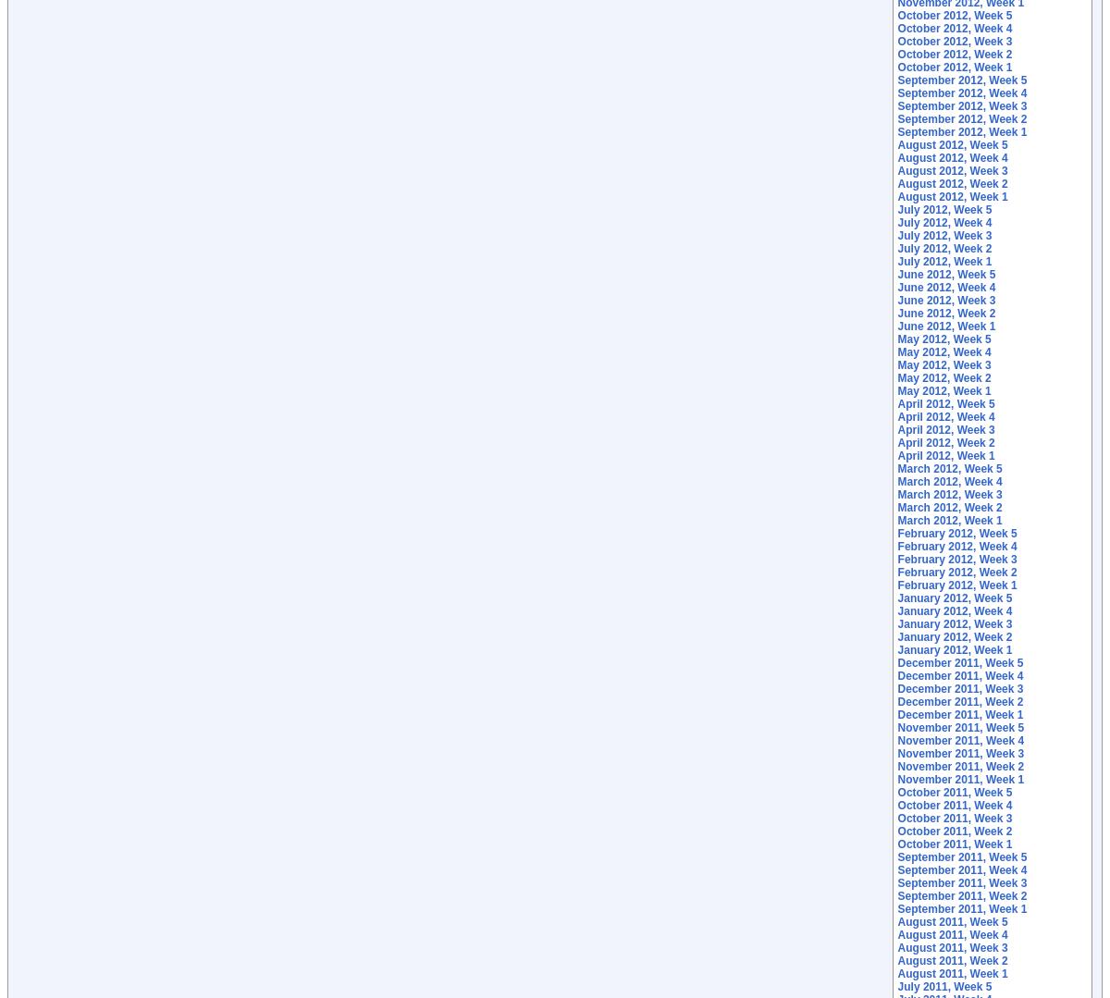 Image resolution: width=1110 pixels, height=998 pixels. Describe the element at coordinates (962, 106) in the screenshot. I see `'September 2012, Week 3'` at that location.